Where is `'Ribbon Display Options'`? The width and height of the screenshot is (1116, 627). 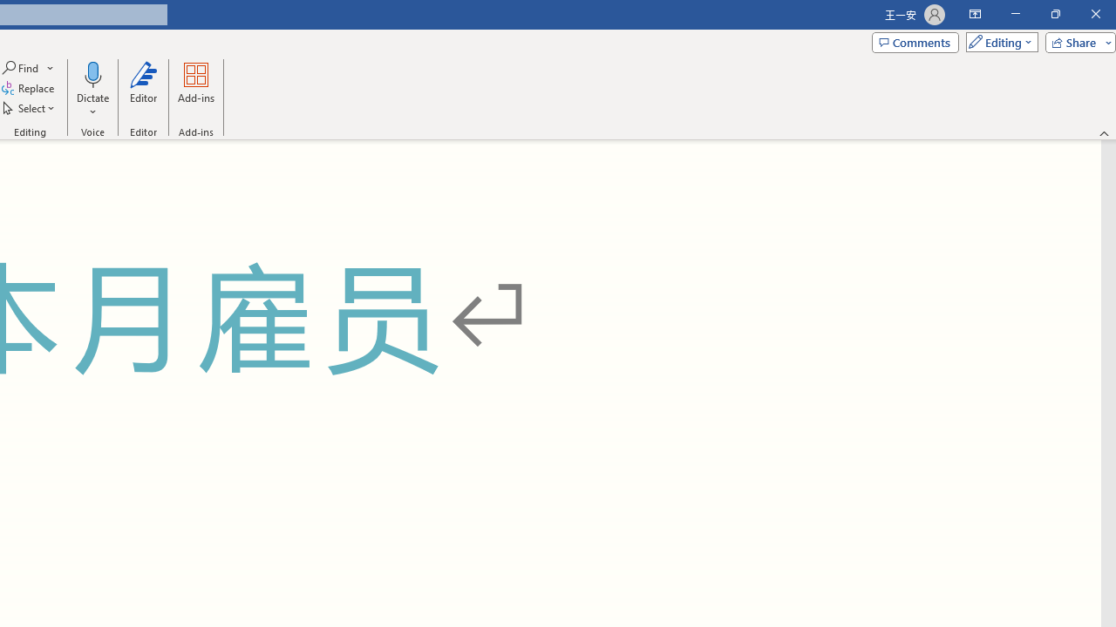
'Ribbon Display Options' is located at coordinates (974, 14).